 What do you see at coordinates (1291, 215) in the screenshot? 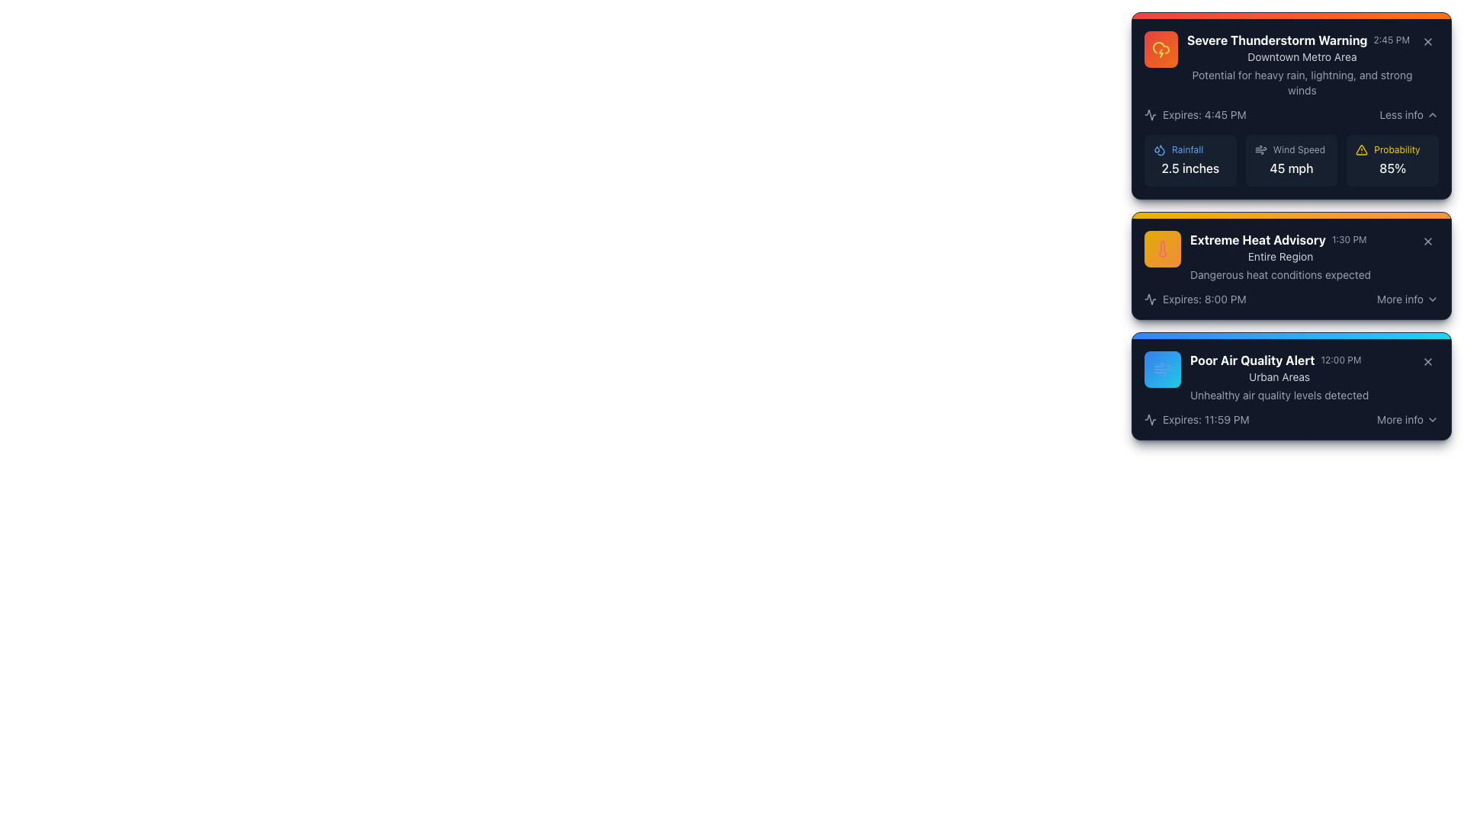
I see `the thin horizontal gradient decorative bar located at the top of the notification card, which transitions from yellow to orange` at bounding box center [1291, 215].